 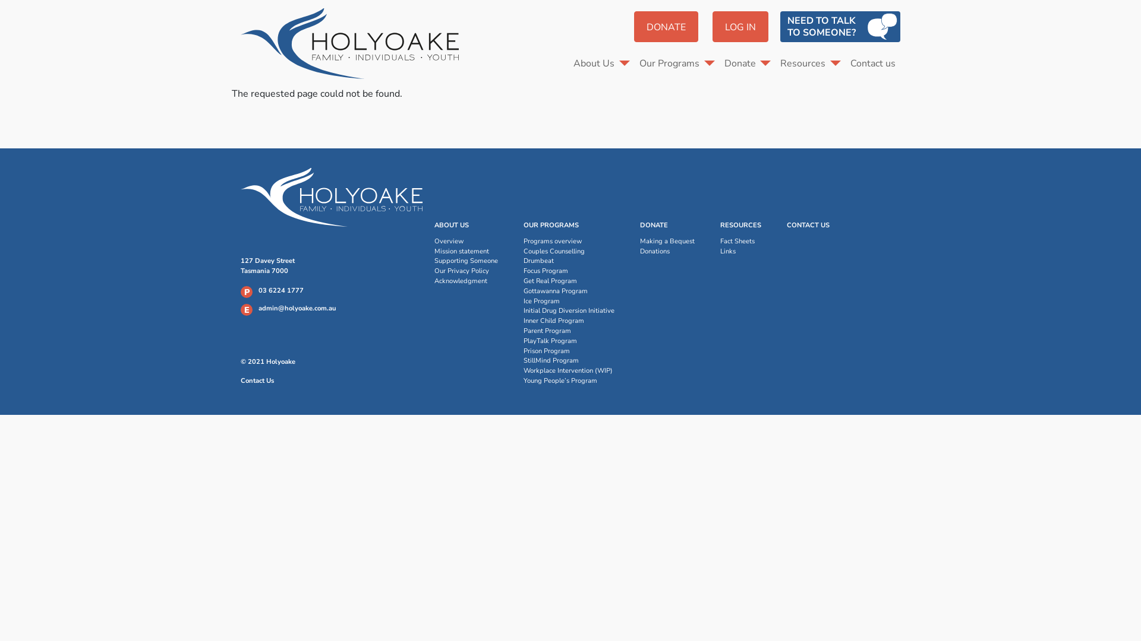 What do you see at coordinates (465, 271) in the screenshot?
I see `'Our Privacy Policy'` at bounding box center [465, 271].